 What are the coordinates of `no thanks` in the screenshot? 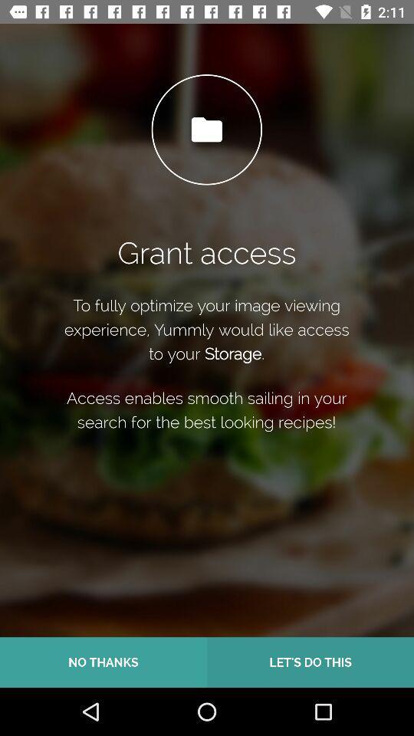 It's located at (103, 662).